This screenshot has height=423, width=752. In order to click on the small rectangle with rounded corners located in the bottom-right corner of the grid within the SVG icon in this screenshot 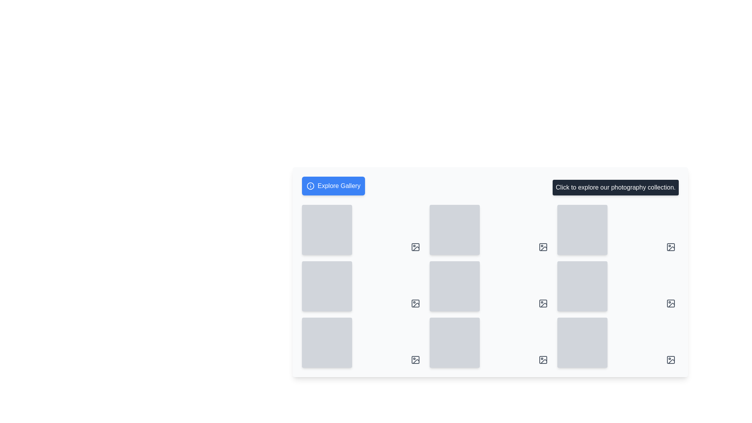, I will do `click(415, 360)`.